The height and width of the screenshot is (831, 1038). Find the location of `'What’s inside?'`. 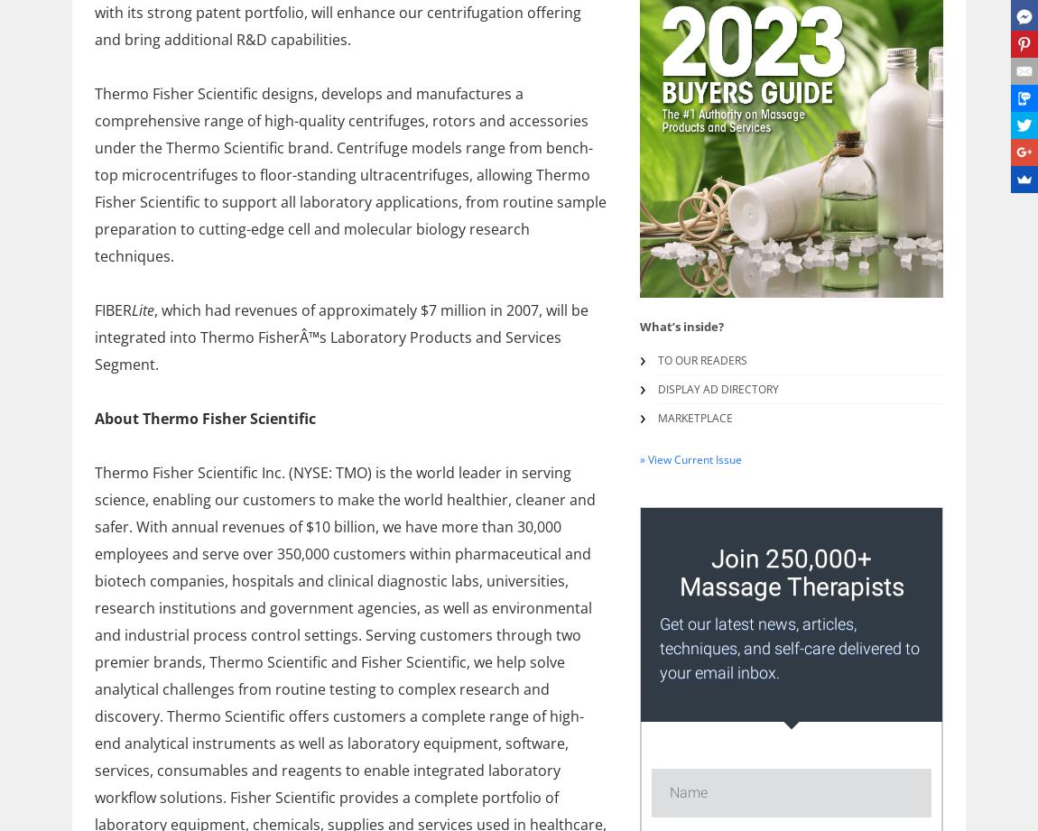

'What’s inside?' is located at coordinates (681, 326).